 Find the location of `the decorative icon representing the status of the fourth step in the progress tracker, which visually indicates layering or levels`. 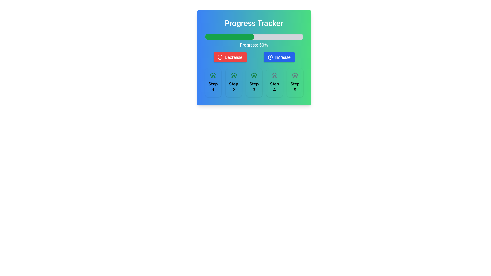

the decorative icon representing the status of the fourth step in the progress tracker, which visually indicates layering or levels is located at coordinates (274, 76).